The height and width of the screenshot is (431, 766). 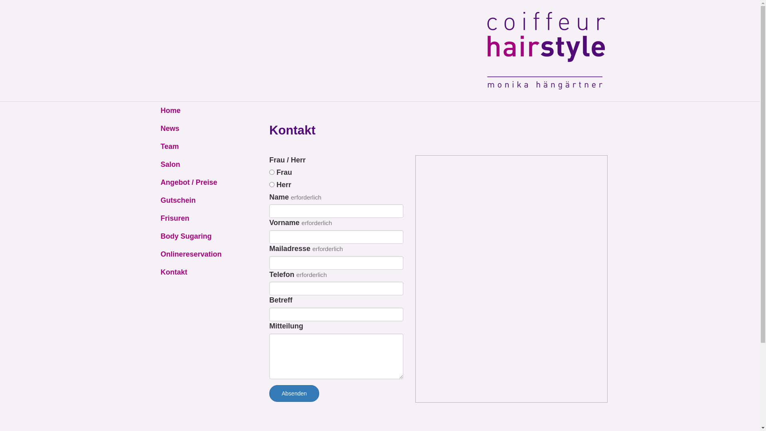 I want to click on 'Body Sugaring', so click(x=152, y=236).